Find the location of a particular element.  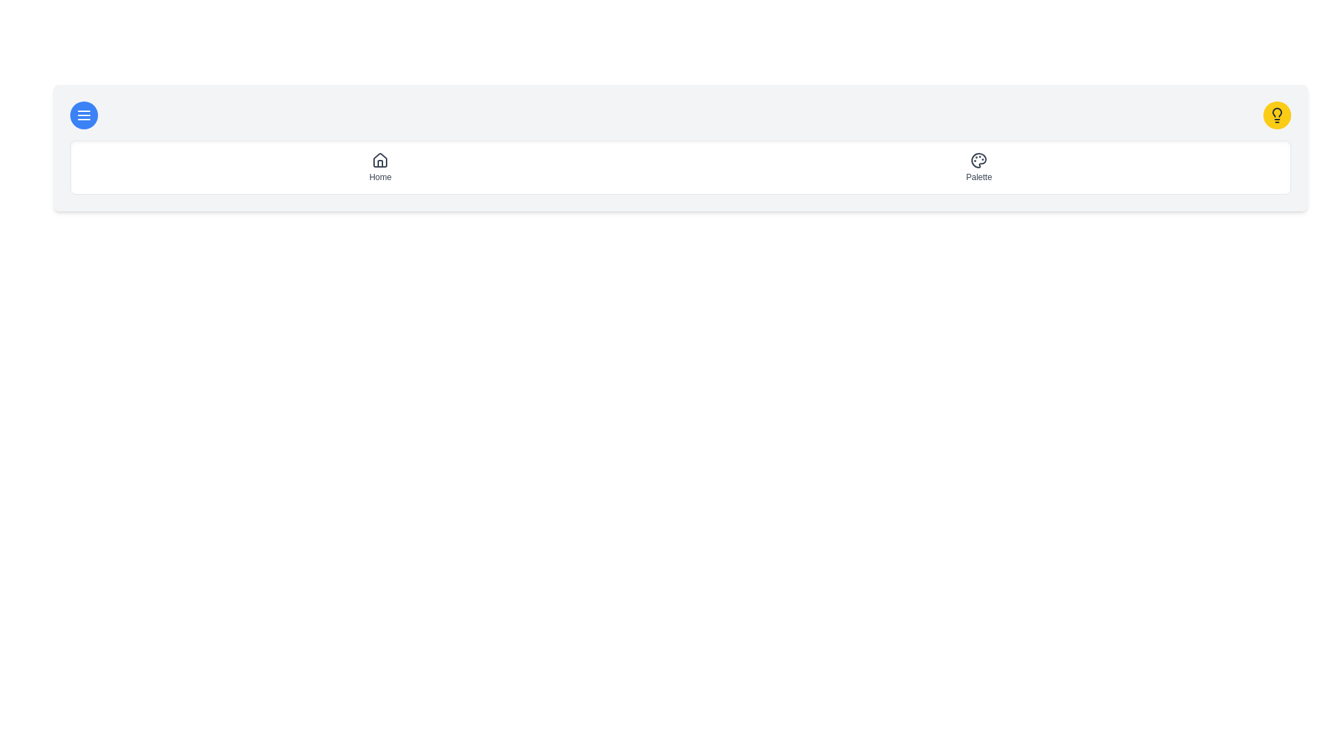

the home icon located in the vertical navigational bar, which serves as a visual cue is located at coordinates (380, 160).